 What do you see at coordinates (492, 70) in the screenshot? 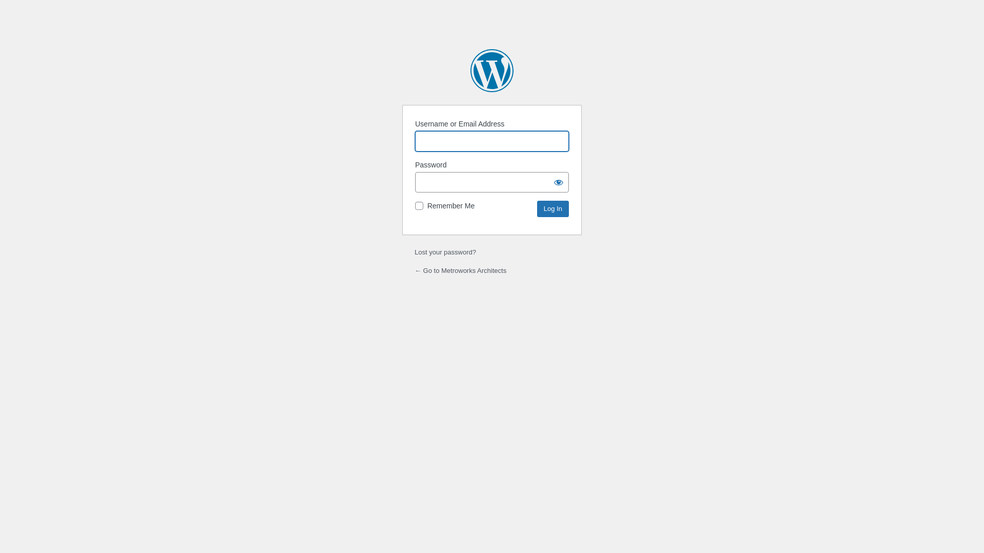
I see `'Powered by WordPress'` at bounding box center [492, 70].